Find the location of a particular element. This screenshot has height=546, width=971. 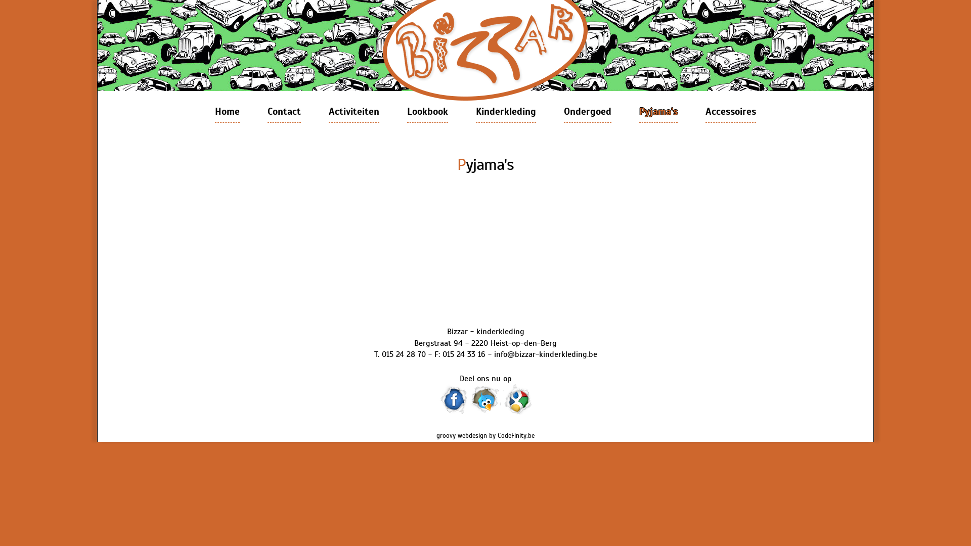

'Kinderkleding' is located at coordinates (506, 112).